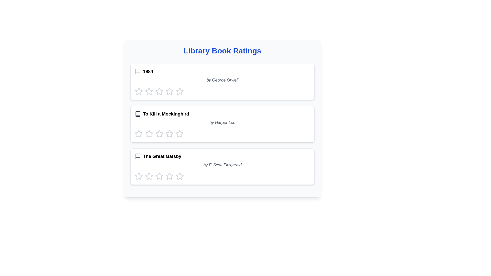  What do you see at coordinates (139, 91) in the screenshot?
I see `the first star icon in the rating section of the '1984' item card to interact with it` at bounding box center [139, 91].